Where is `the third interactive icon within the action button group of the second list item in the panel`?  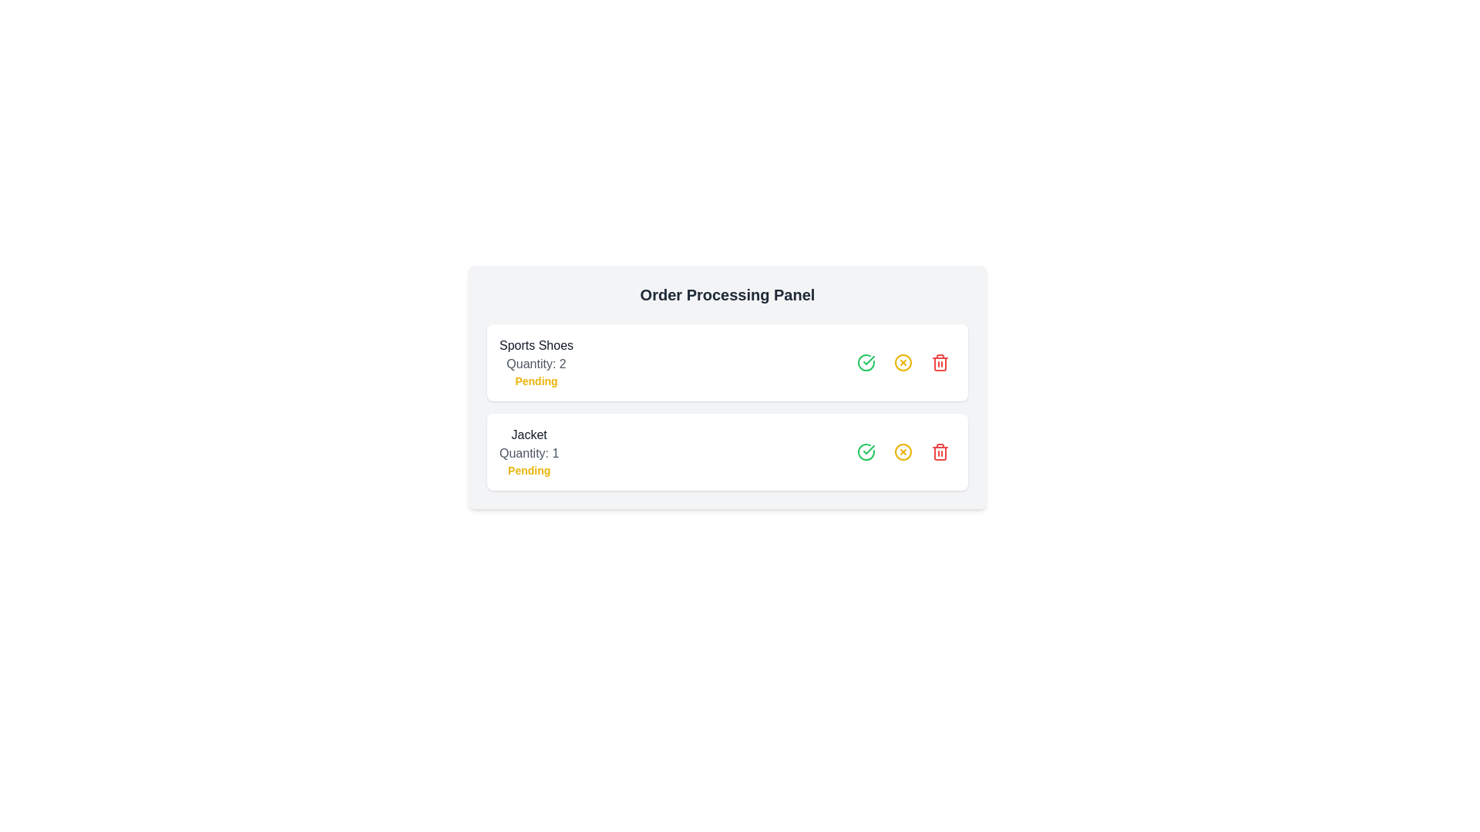
the third interactive icon within the action button group of the second list item in the panel is located at coordinates (903, 451).